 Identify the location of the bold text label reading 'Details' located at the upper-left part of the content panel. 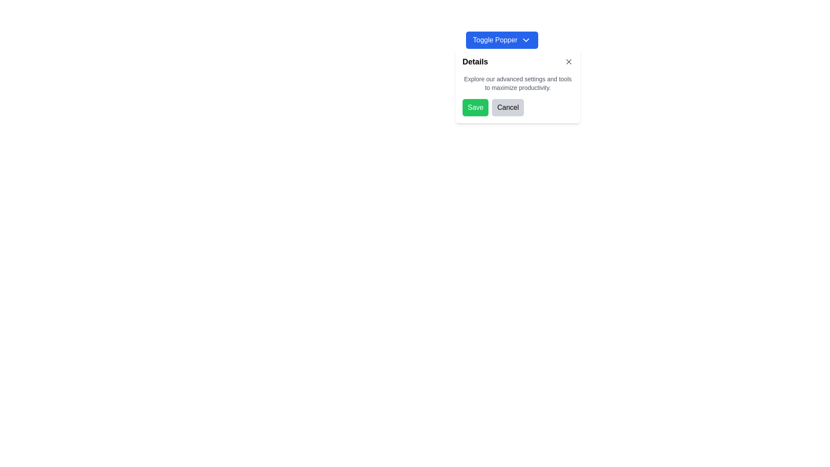
(475, 61).